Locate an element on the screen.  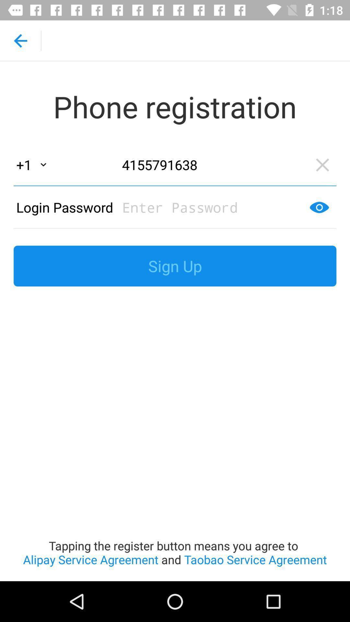
the icon above the +1 app is located at coordinates (20, 40).